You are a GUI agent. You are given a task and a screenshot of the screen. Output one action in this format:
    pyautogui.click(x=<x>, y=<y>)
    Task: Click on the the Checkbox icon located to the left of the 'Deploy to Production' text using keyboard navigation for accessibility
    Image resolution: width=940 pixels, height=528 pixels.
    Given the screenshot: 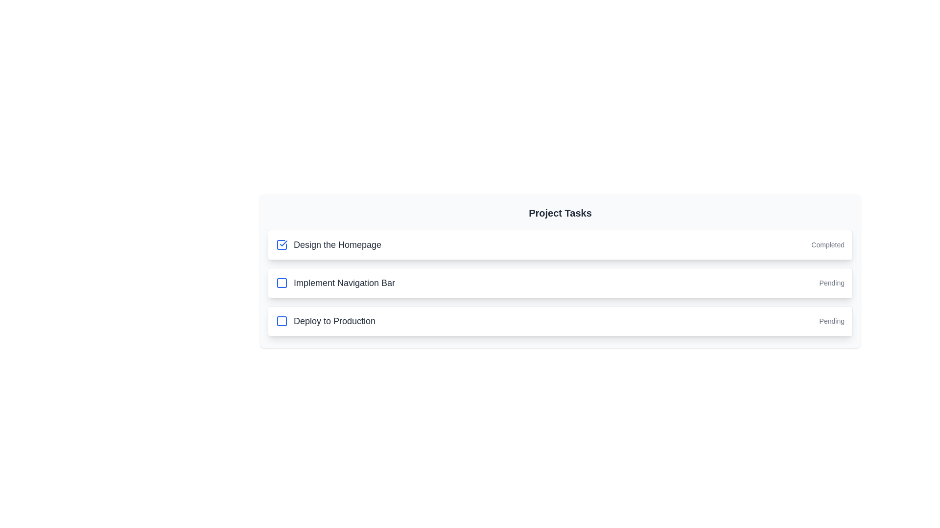 What is the action you would take?
    pyautogui.click(x=282, y=321)
    